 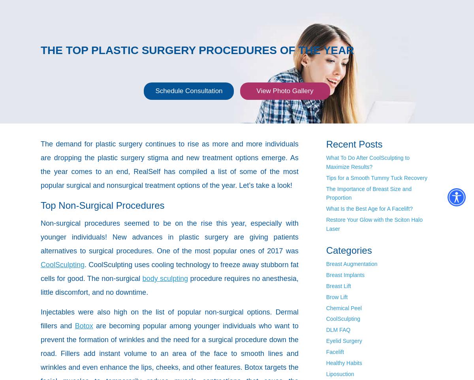 What do you see at coordinates (325, 329) in the screenshot?
I see `'DLM FAQ'` at bounding box center [325, 329].